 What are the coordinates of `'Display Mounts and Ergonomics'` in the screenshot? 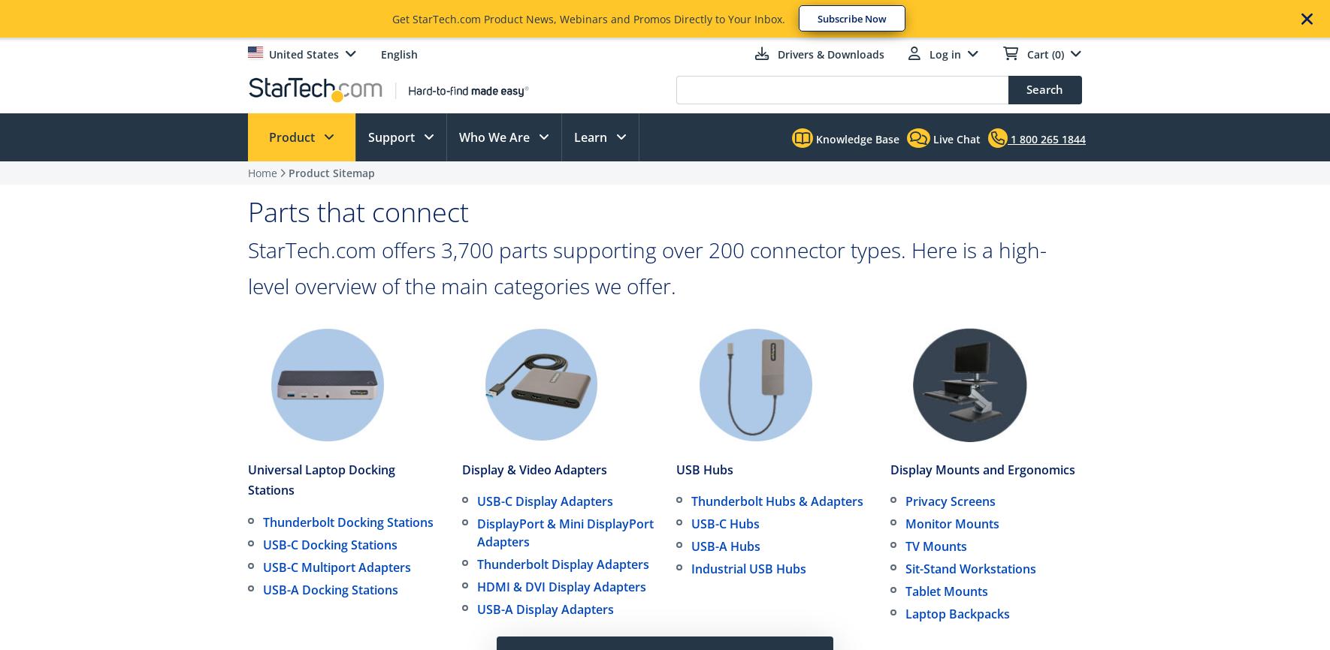 It's located at (982, 470).